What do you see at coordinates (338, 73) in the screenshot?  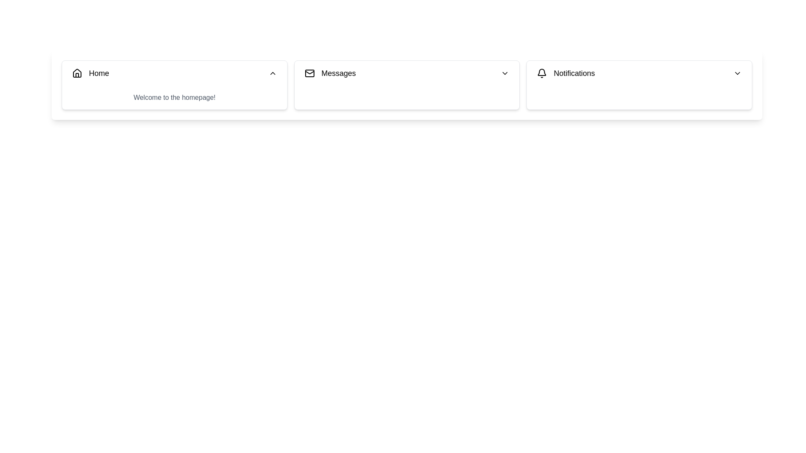 I see `the 'Messages' static text label, which is styled in a medium-weight font and is larger than surrounding text, located to the right of a mail icon in the center of the interface section` at bounding box center [338, 73].